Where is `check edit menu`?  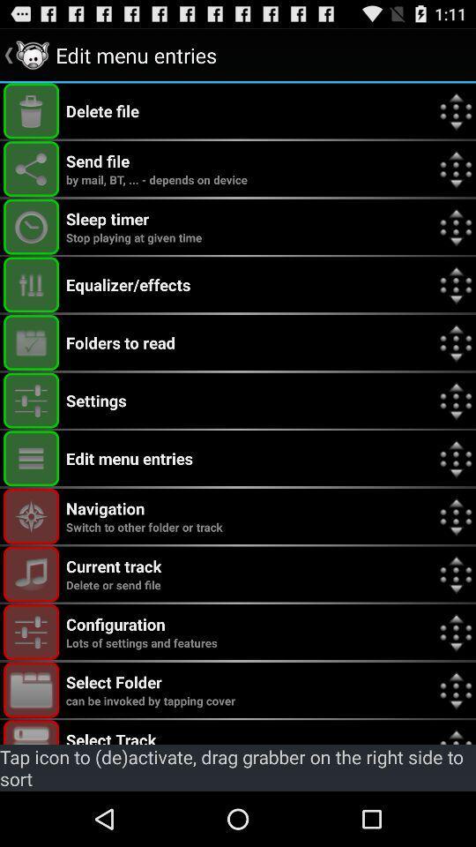
check edit menu is located at coordinates (31, 457).